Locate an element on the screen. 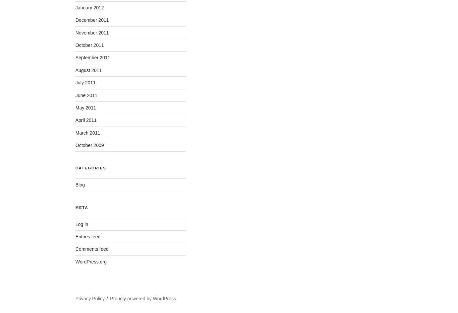 This screenshot has height=313, width=458. 'Categories' is located at coordinates (91, 168).